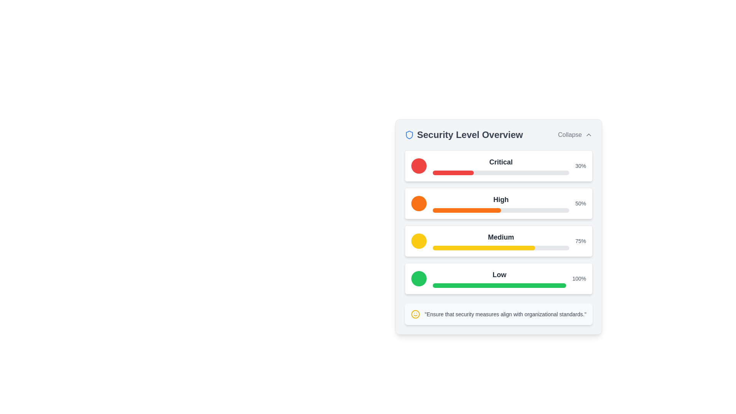 This screenshot has height=414, width=736. Describe the element at coordinates (579, 278) in the screenshot. I see `the '100%' text label located at the far right of the 'Low' row in the 'Security Level Overview' section for additional information` at that location.